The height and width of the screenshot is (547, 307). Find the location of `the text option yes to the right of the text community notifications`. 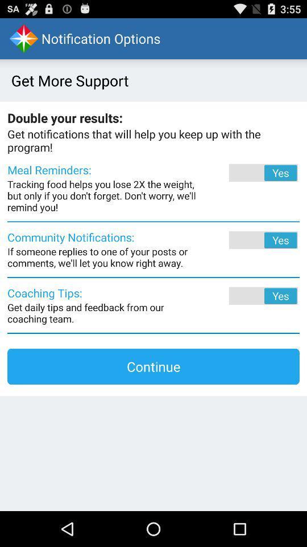

the text option yes to the right of the text community notifications is located at coordinates (248, 240).